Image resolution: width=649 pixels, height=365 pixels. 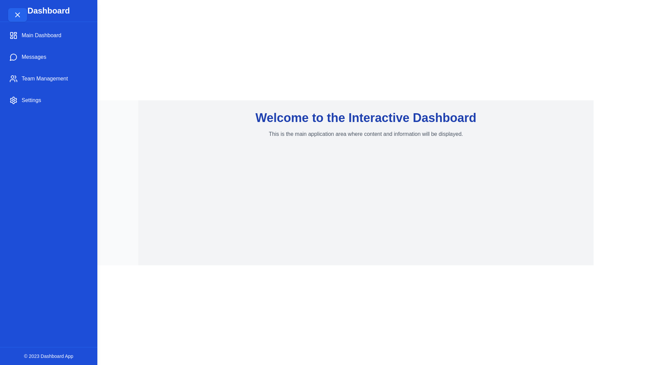 What do you see at coordinates (48, 100) in the screenshot?
I see `the 'Settings' option in the drawer to navigate to the 'Settings' section` at bounding box center [48, 100].